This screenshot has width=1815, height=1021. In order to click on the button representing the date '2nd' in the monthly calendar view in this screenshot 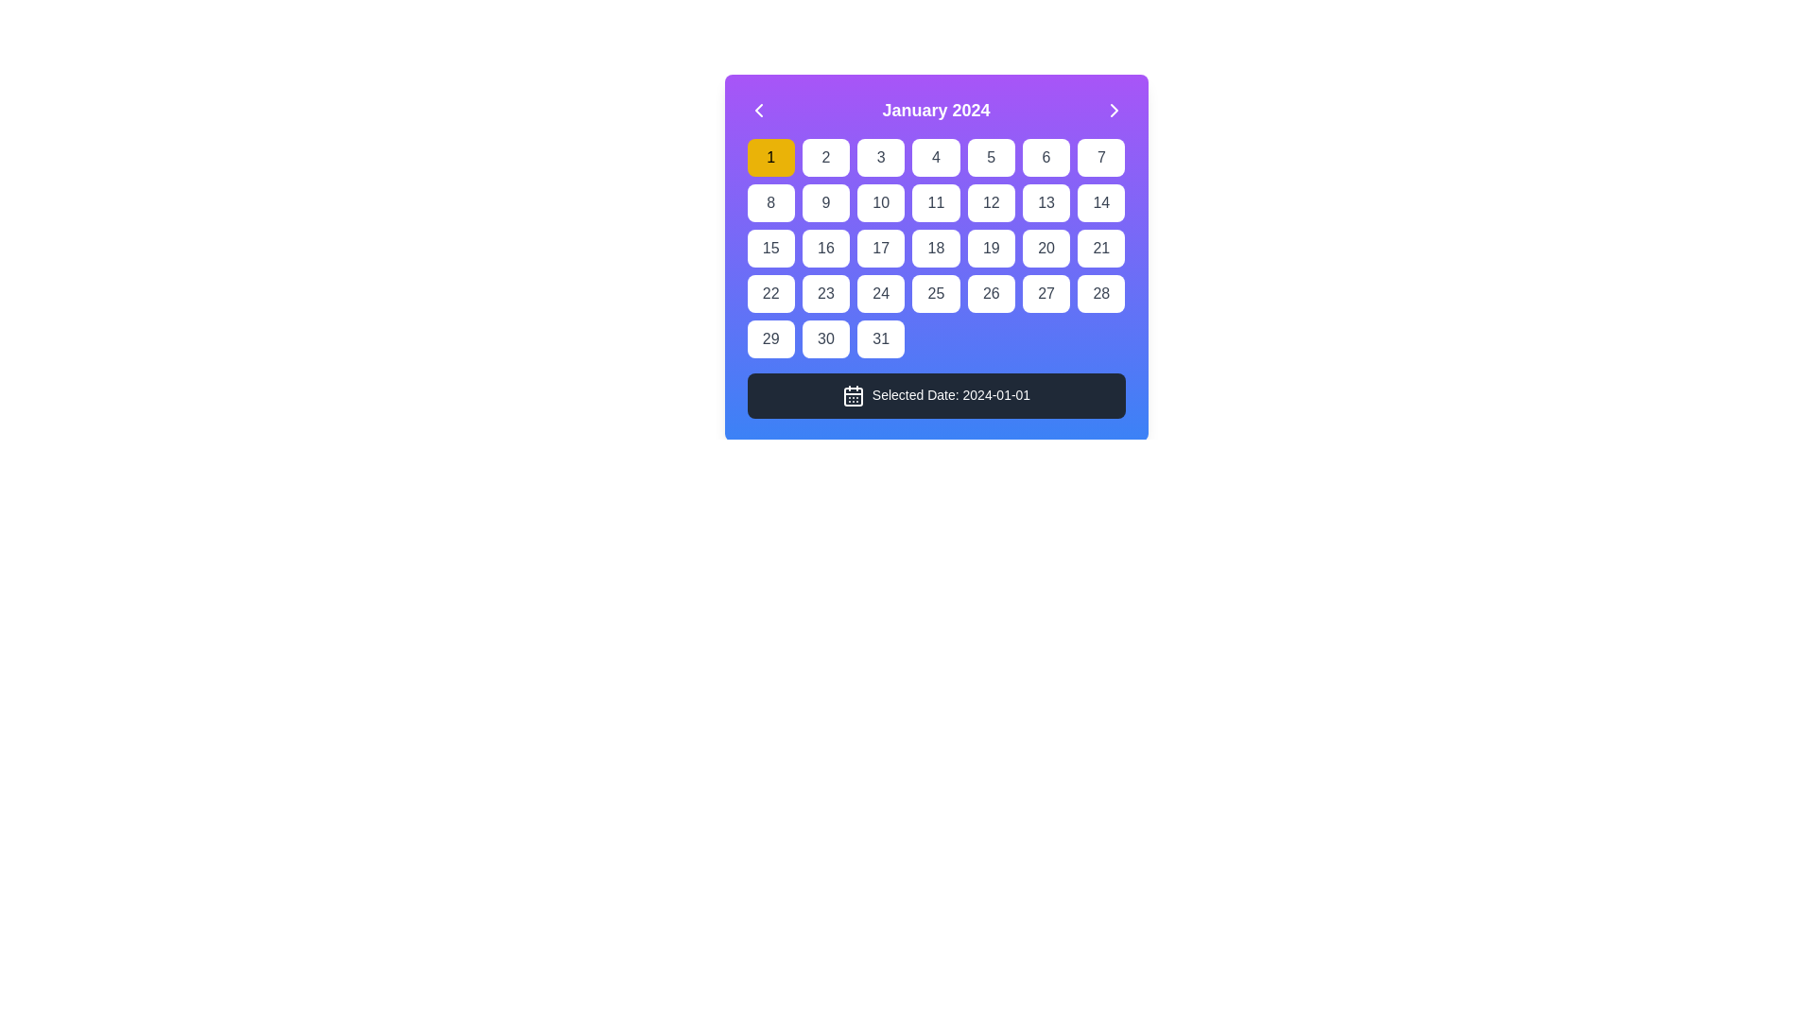, I will do `click(825, 156)`.